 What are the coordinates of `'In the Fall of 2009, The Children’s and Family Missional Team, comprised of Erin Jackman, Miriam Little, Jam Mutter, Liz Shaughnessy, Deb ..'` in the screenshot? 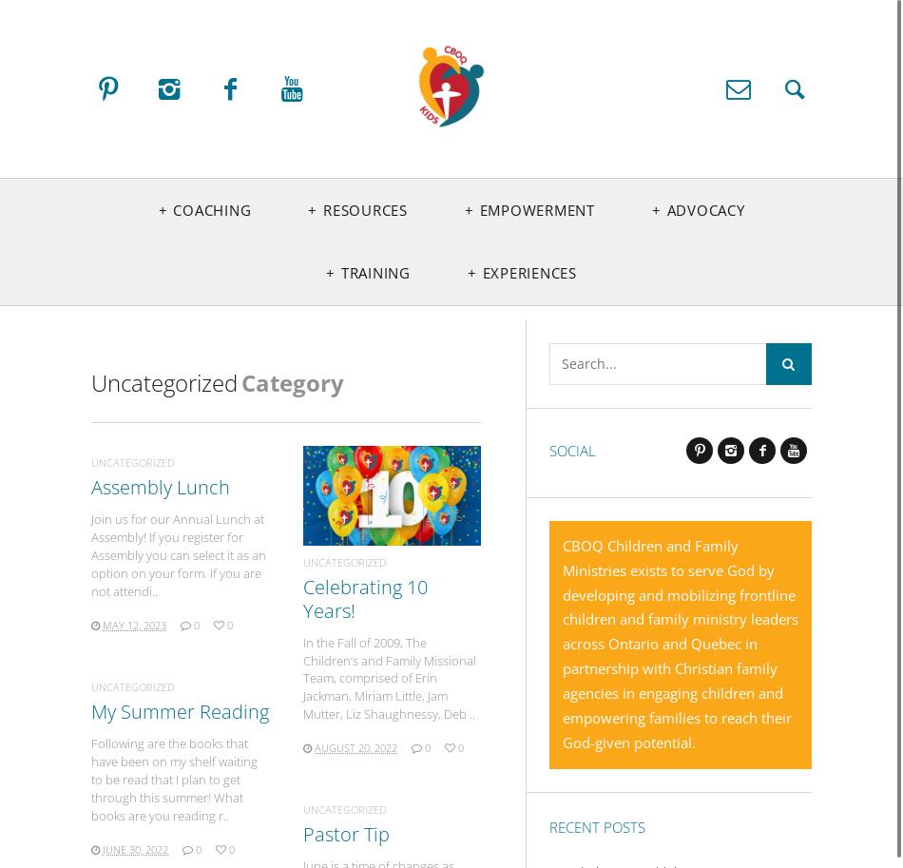 It's located at (389, 676).